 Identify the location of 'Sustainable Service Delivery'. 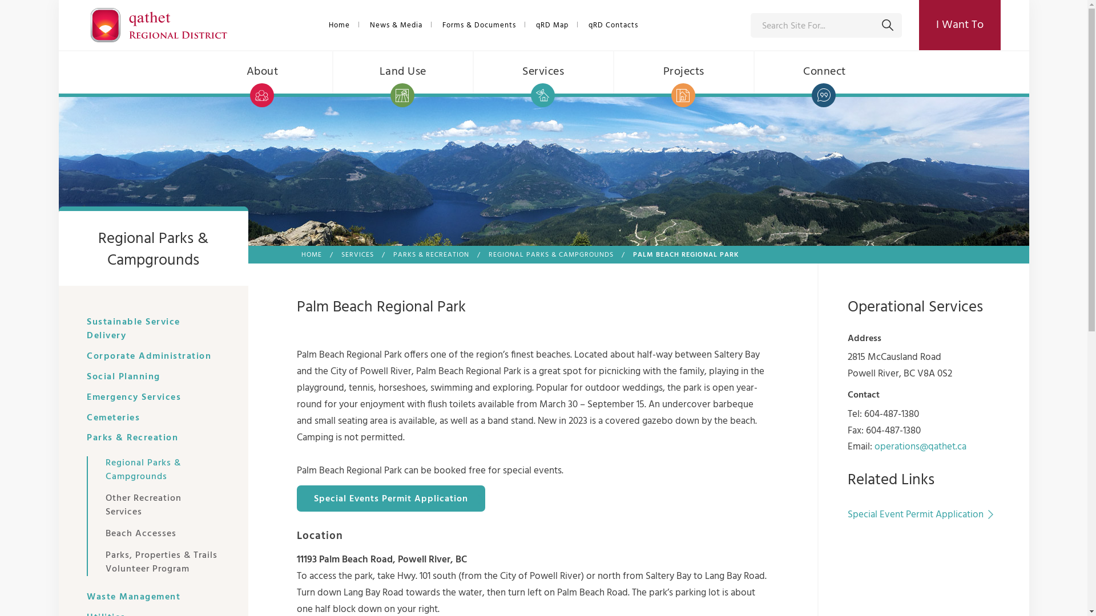
(152, 329).